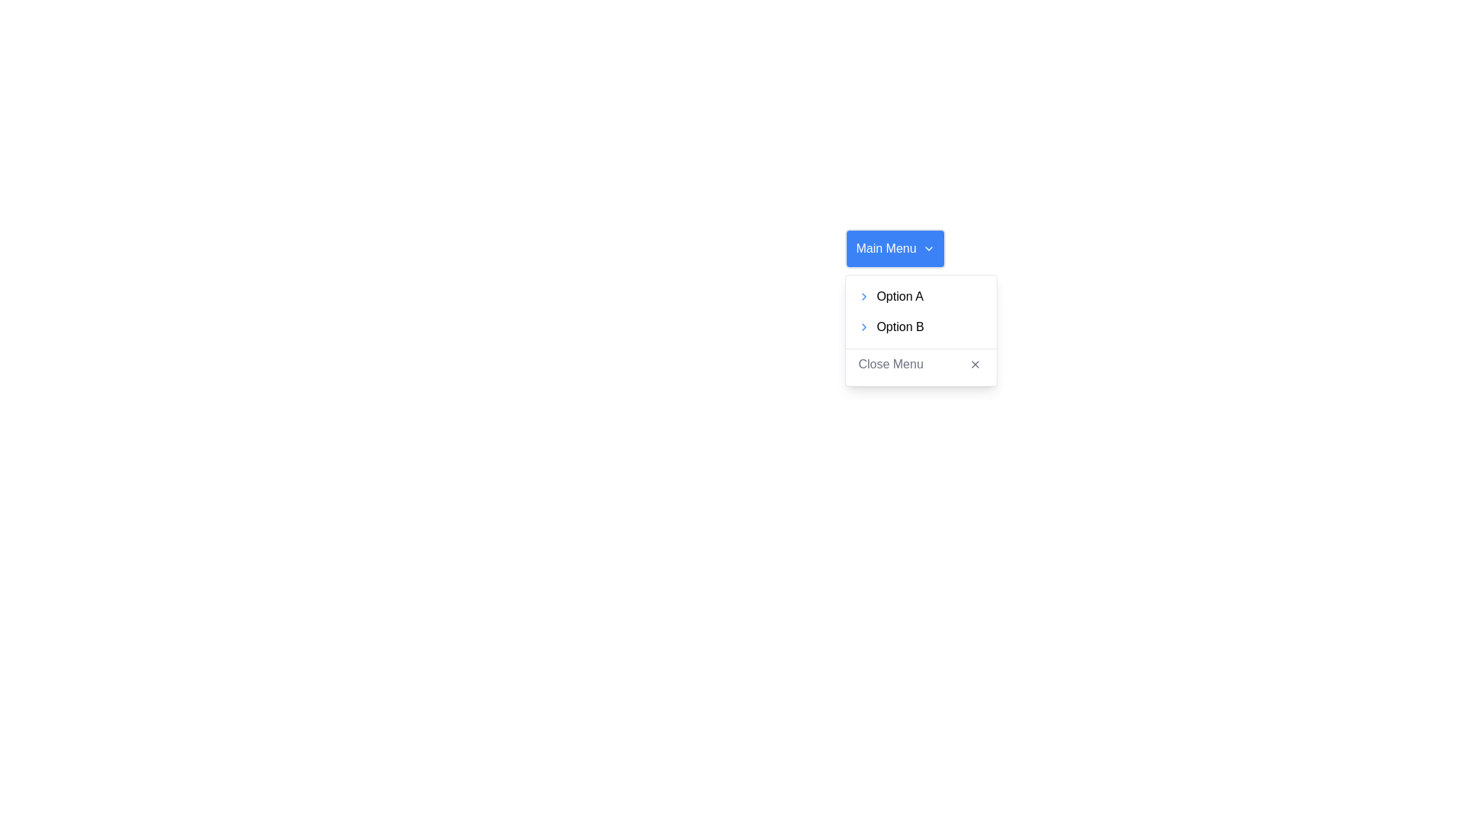  What do you see at coordinates (863, 296) in the screenshot?
I see `the blue chevron-right icon located to the left of the 'Option A' text to interact with it` at bounding box center [863, 296].